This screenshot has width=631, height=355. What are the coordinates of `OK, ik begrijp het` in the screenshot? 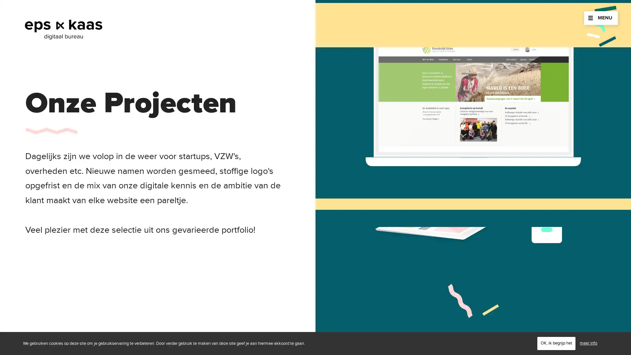 It's located at (556, 343).